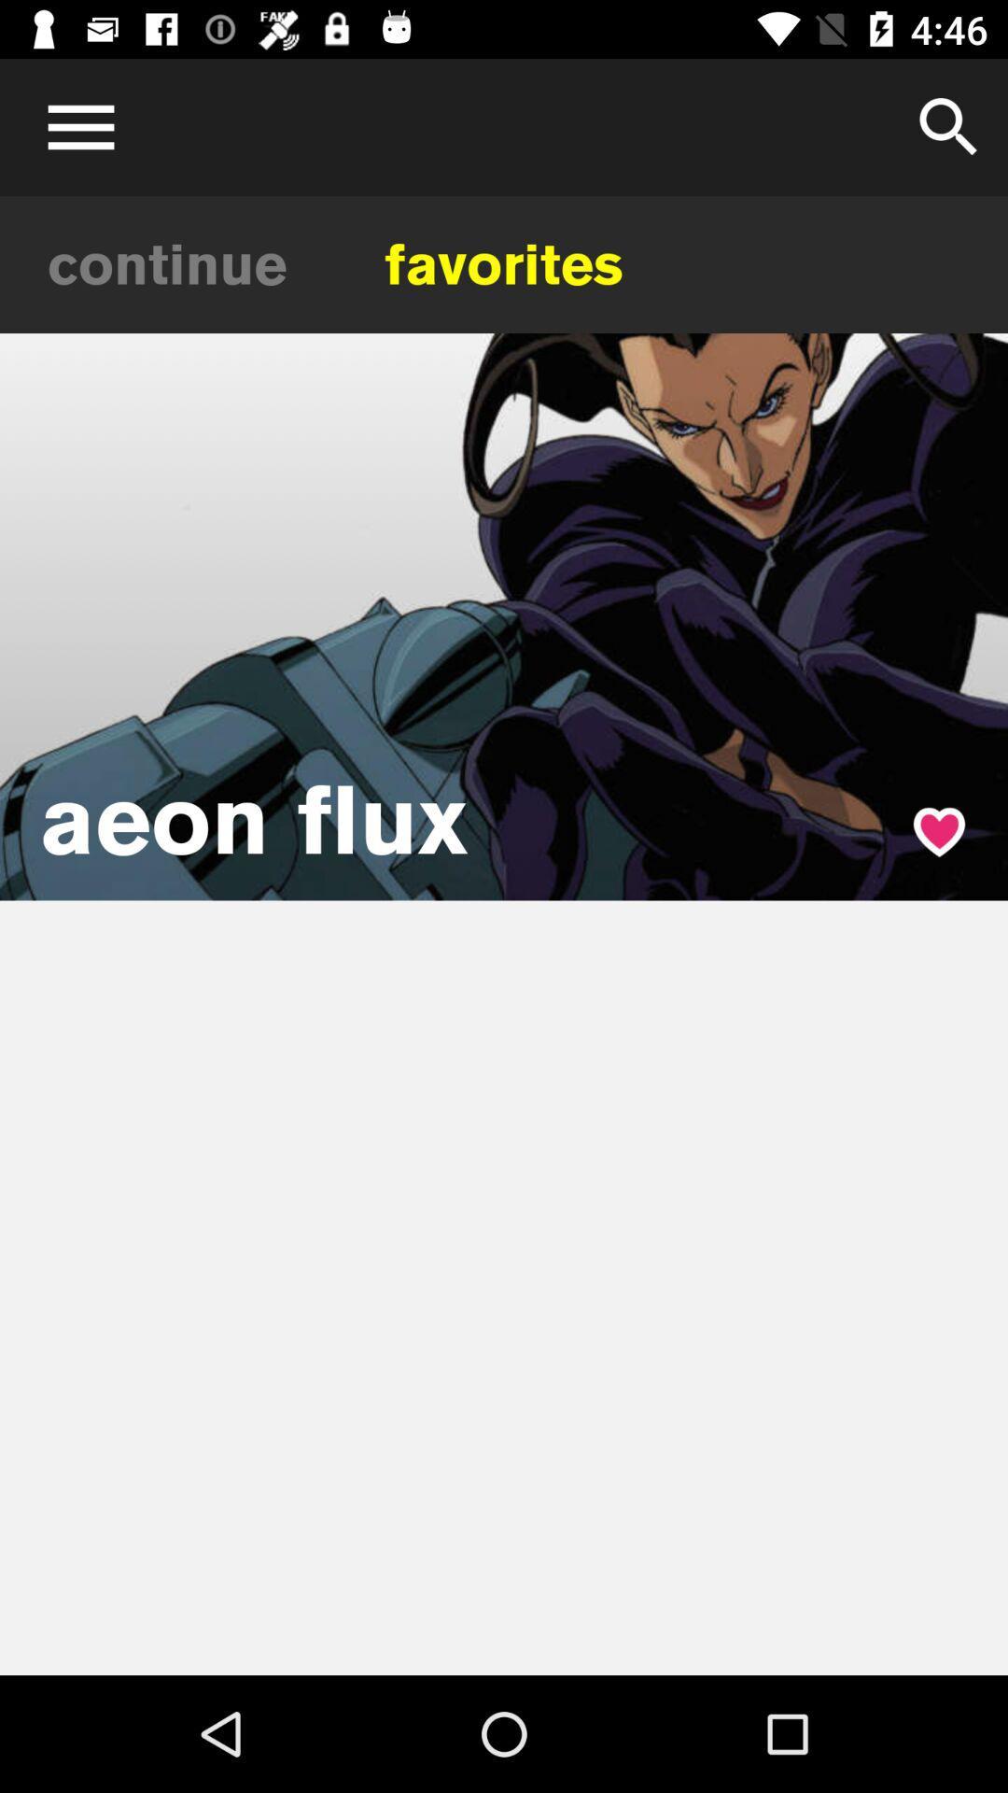 This screenshot has width=1008, height=1793. What do you see at coordinates (74, 126) in the screenshot?
I see `menu icon` at bounding box center [74, 126].